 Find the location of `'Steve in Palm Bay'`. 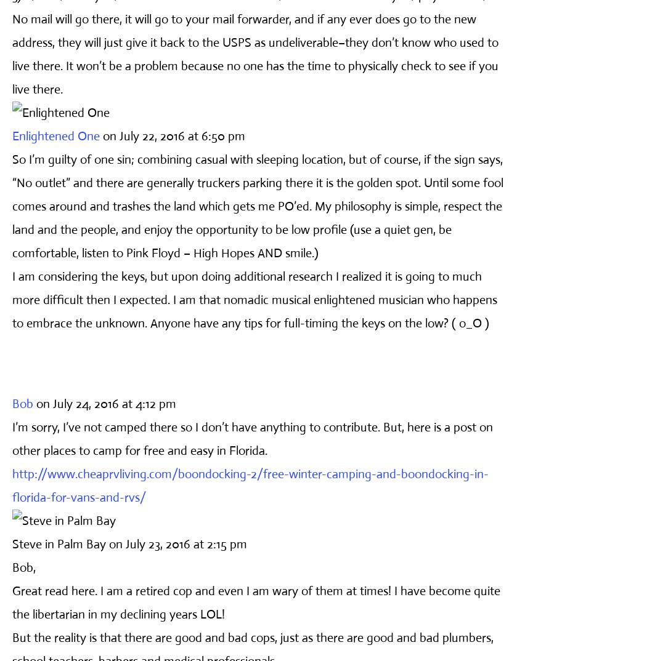

'Steve in Palm Bay' is located at coordinates (59, 543).